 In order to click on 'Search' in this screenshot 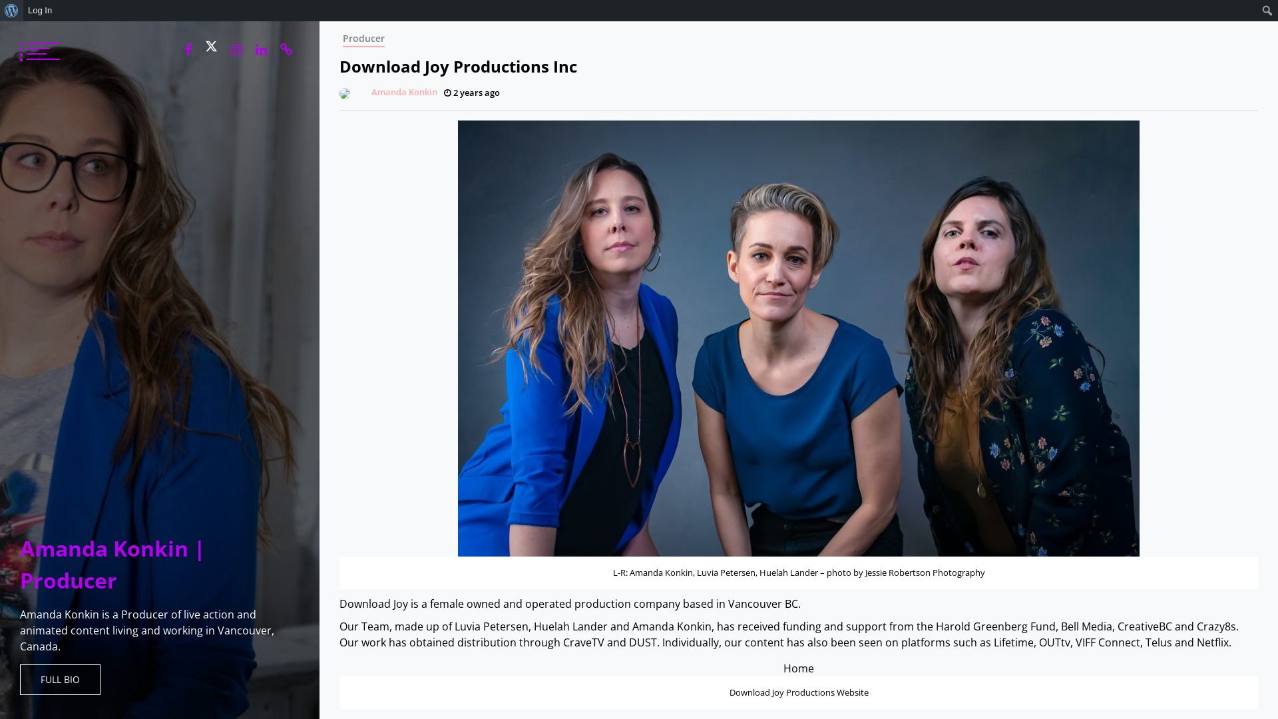, I will do `click(14, 11)`.